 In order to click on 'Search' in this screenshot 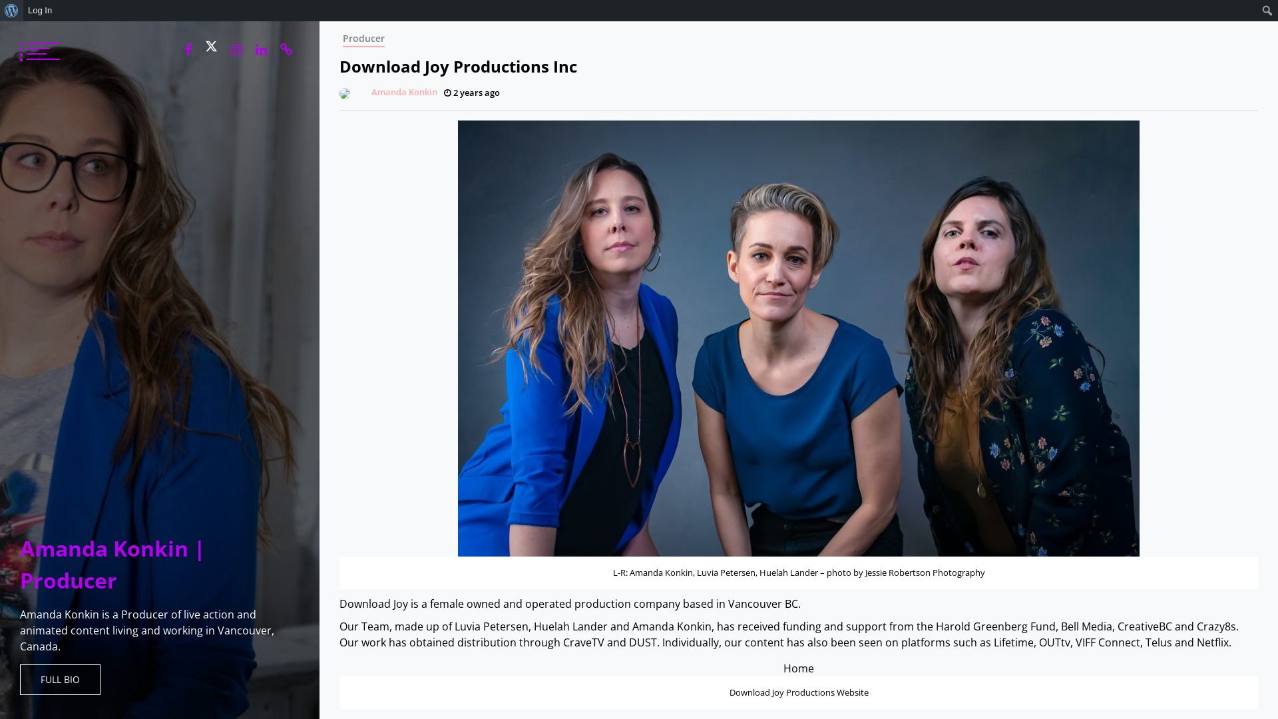, I will do `click(14, 11)`.